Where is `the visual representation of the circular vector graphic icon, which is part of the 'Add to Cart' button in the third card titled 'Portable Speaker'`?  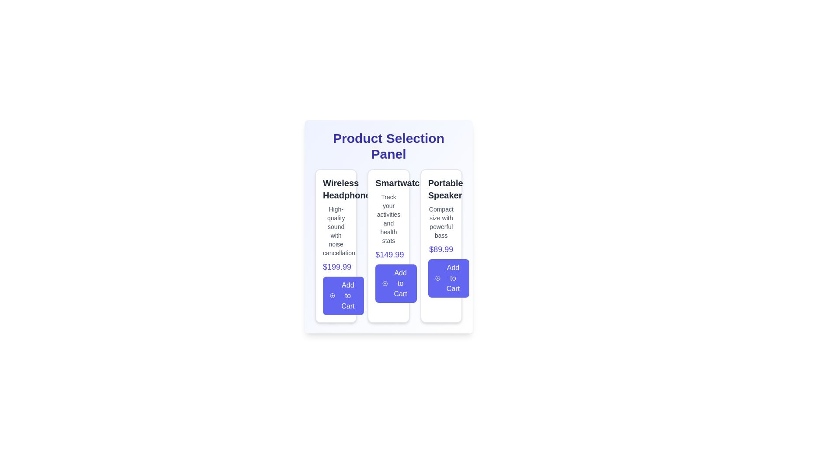 the visual representation of the circular vector graphic icon, which is part of the 'Add to Cart' button in the third card titled 'Portable Speaker' is located at coordinates (437, 278).